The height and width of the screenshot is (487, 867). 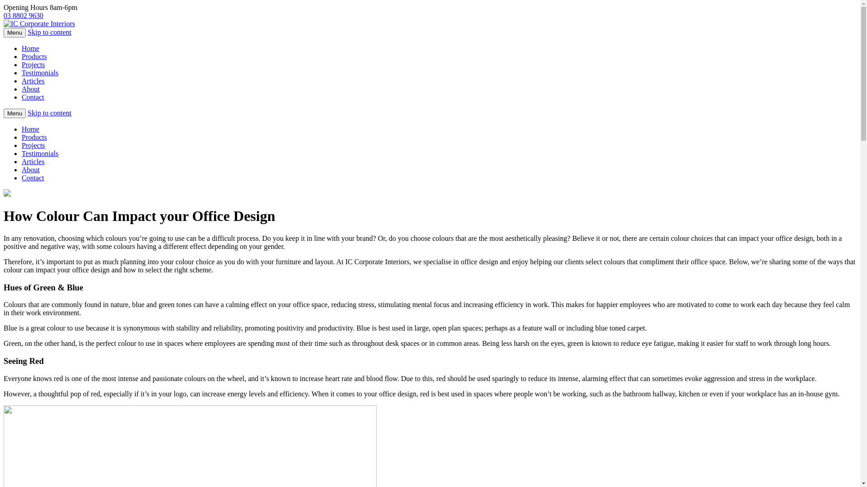 What do you see at coordinates (33, 161) in the screenshot?
I see `'Articles'` at bounding box center [33, 161].